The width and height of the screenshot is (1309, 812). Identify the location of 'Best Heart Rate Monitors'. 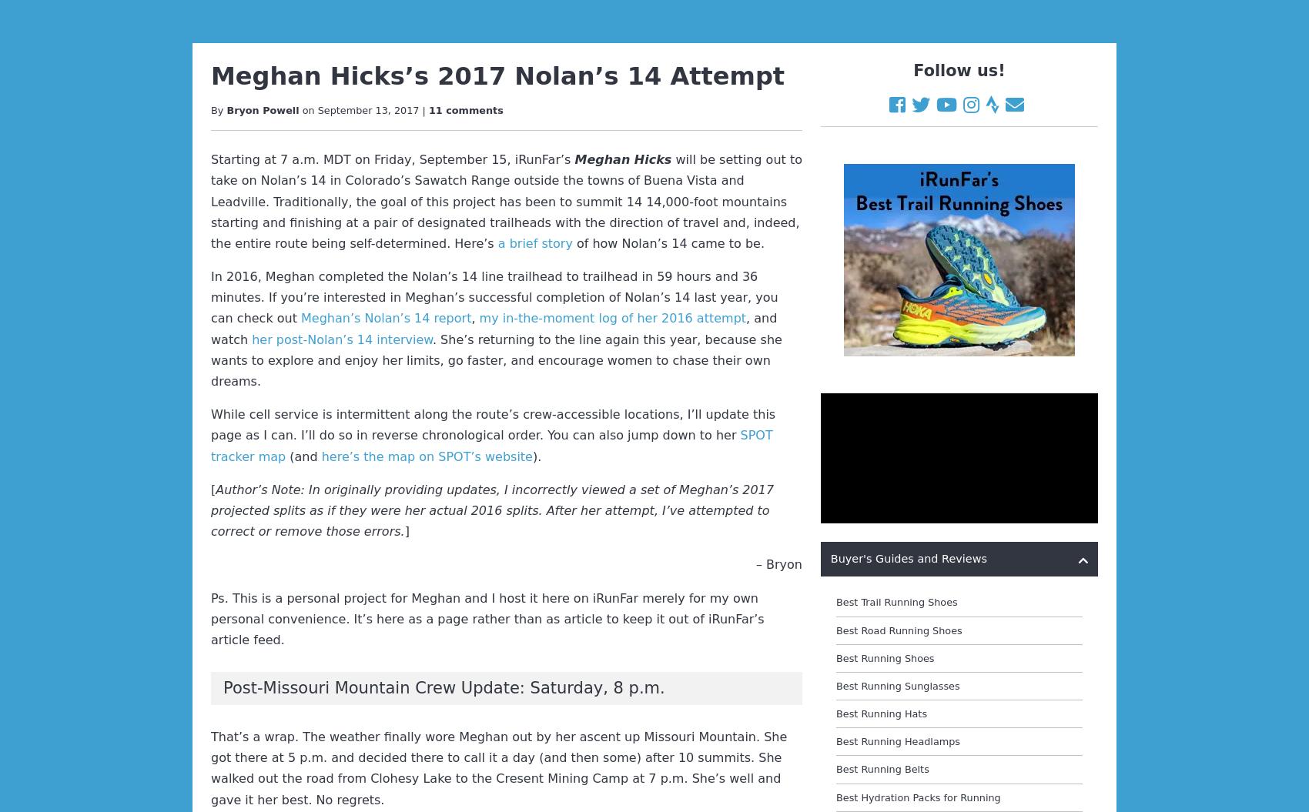
(835, 575).